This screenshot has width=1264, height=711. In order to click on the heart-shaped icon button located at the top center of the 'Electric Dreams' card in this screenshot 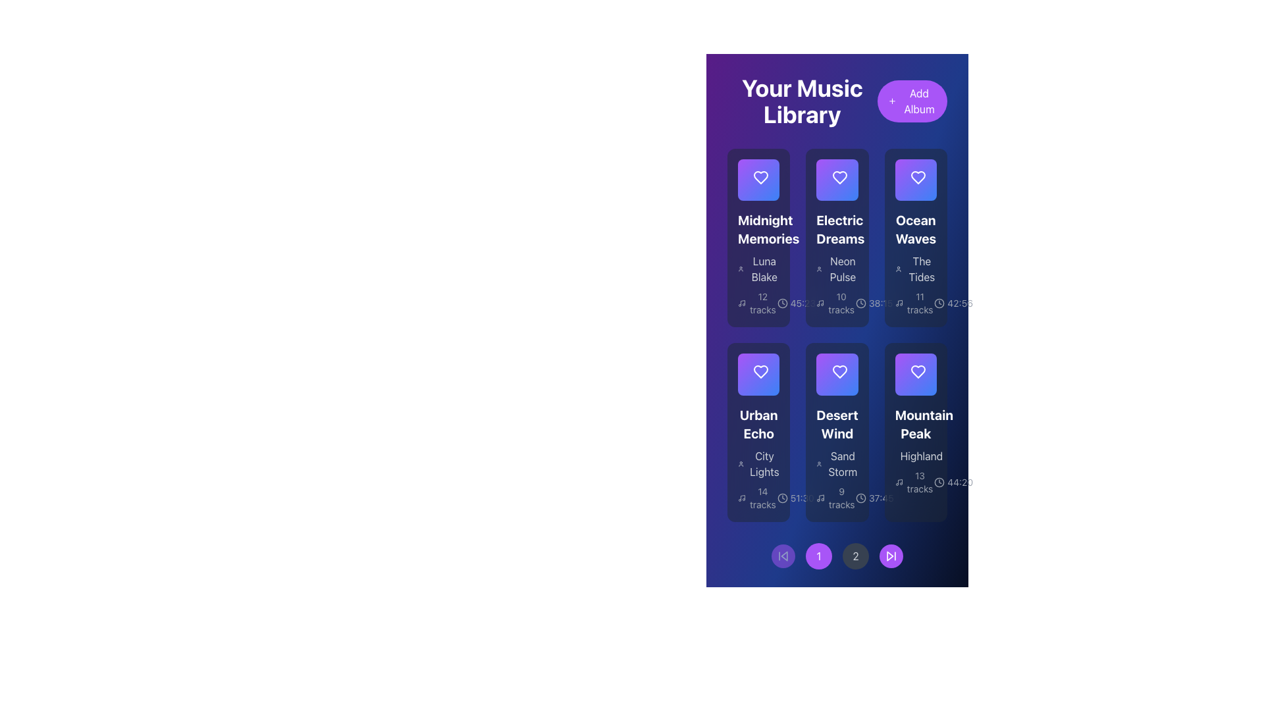, I will do `click(839, 178)`.